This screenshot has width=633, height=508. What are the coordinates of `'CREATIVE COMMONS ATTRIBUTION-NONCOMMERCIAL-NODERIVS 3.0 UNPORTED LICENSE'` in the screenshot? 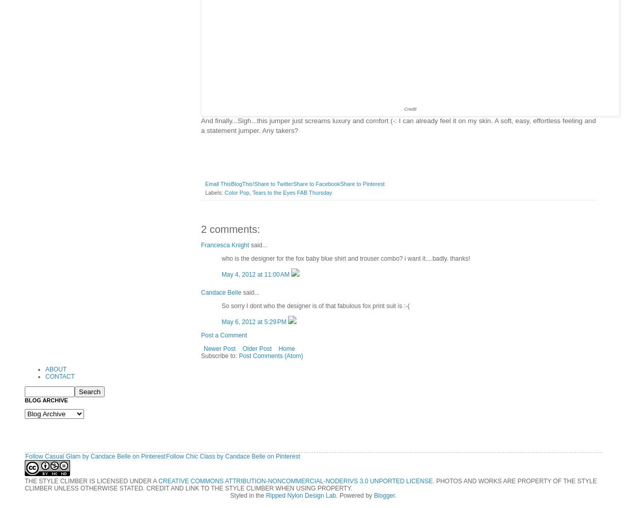 It's located at (158, 481).